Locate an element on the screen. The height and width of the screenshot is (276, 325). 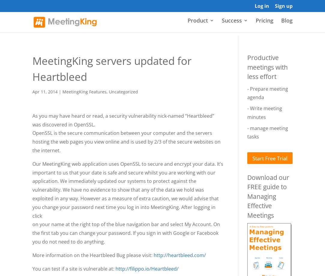
'Tour' is located at coordinates (205, 69).